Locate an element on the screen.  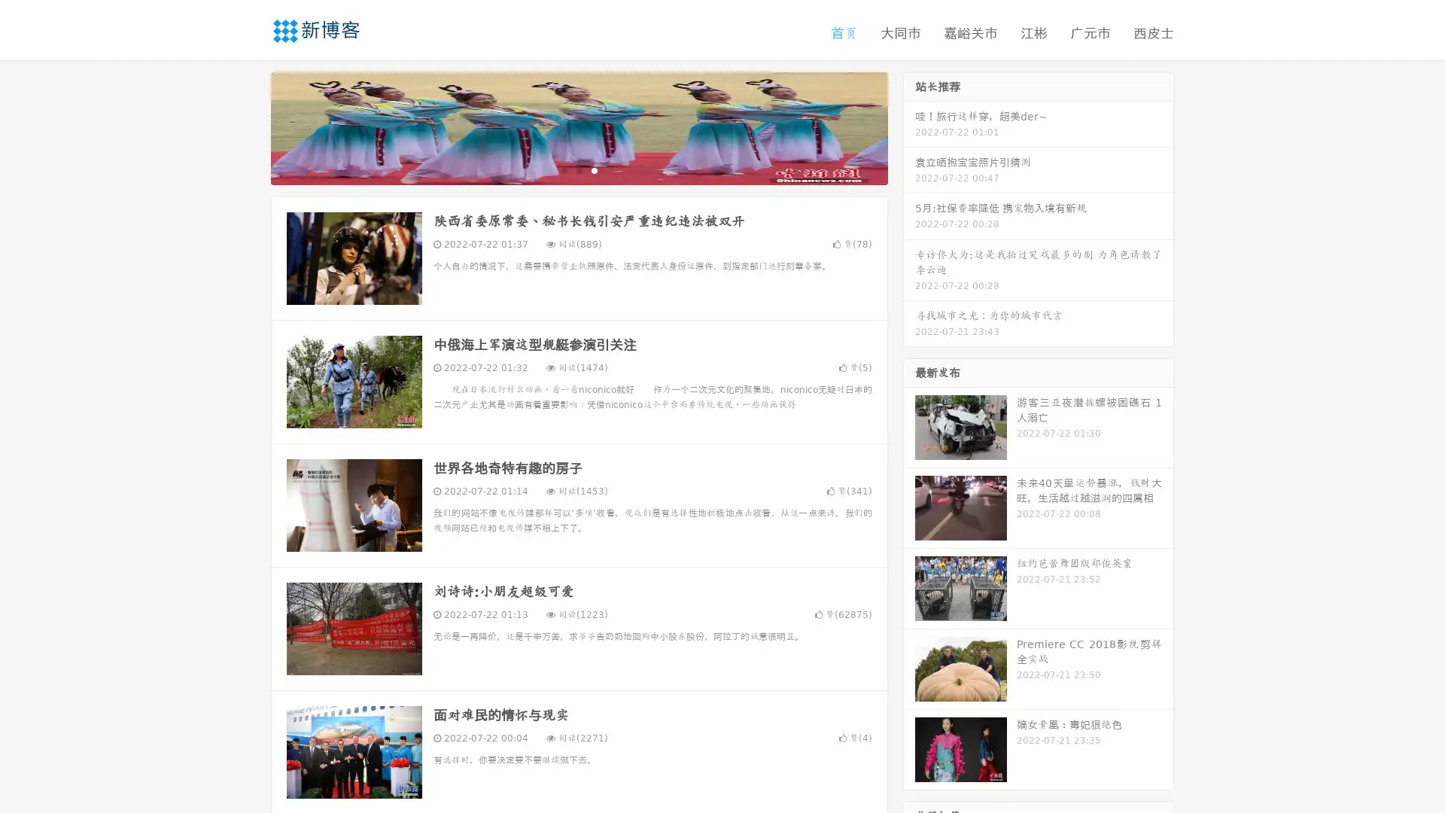
Previous slide is located at coordinates (248, 126).